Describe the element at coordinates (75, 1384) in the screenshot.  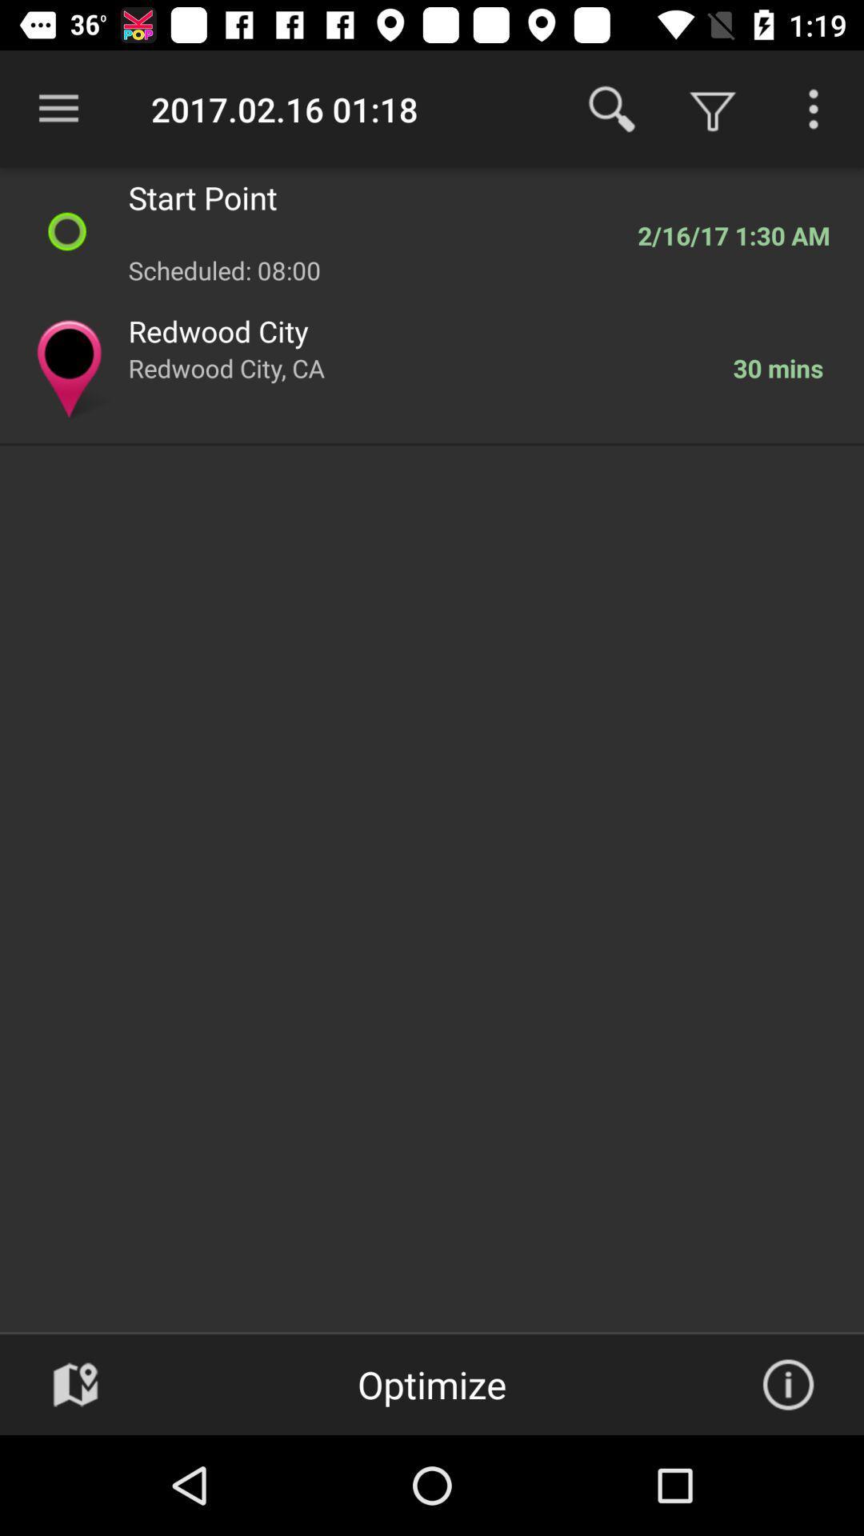
I see `location` at that location.